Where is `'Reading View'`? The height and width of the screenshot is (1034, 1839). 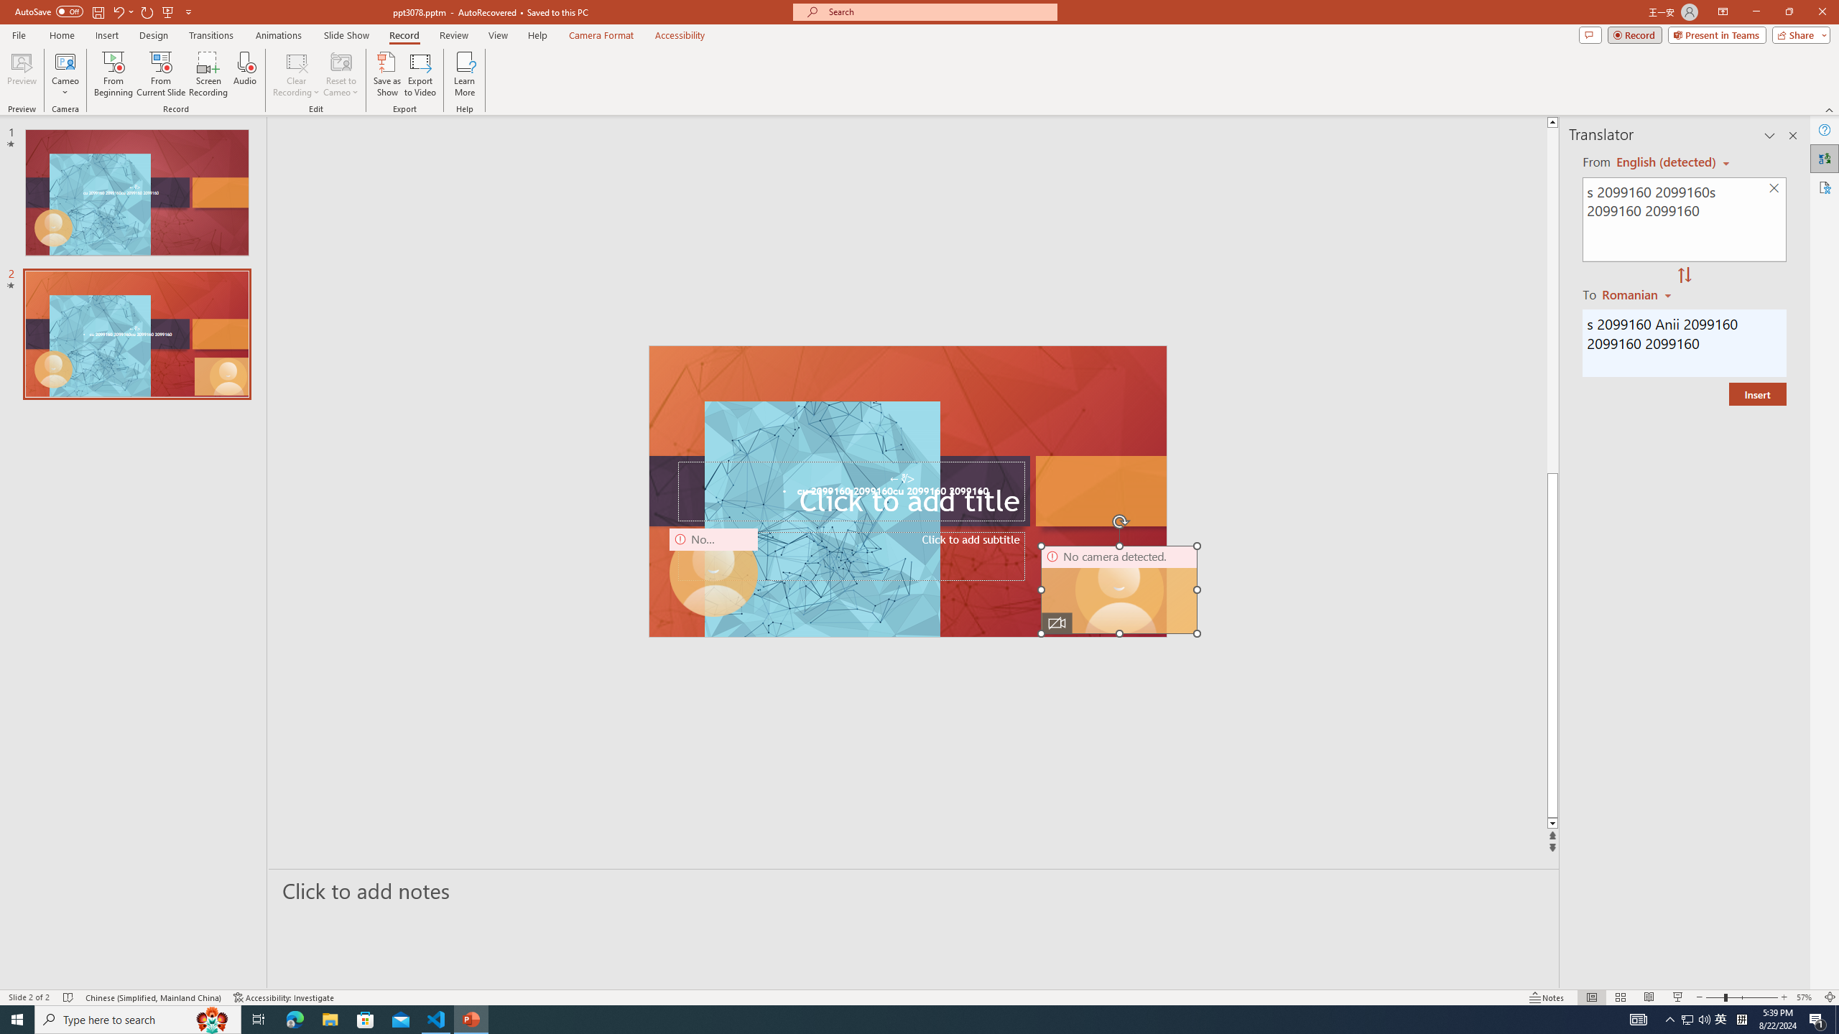 'Reading View' is located at coordinates (1649, 997).